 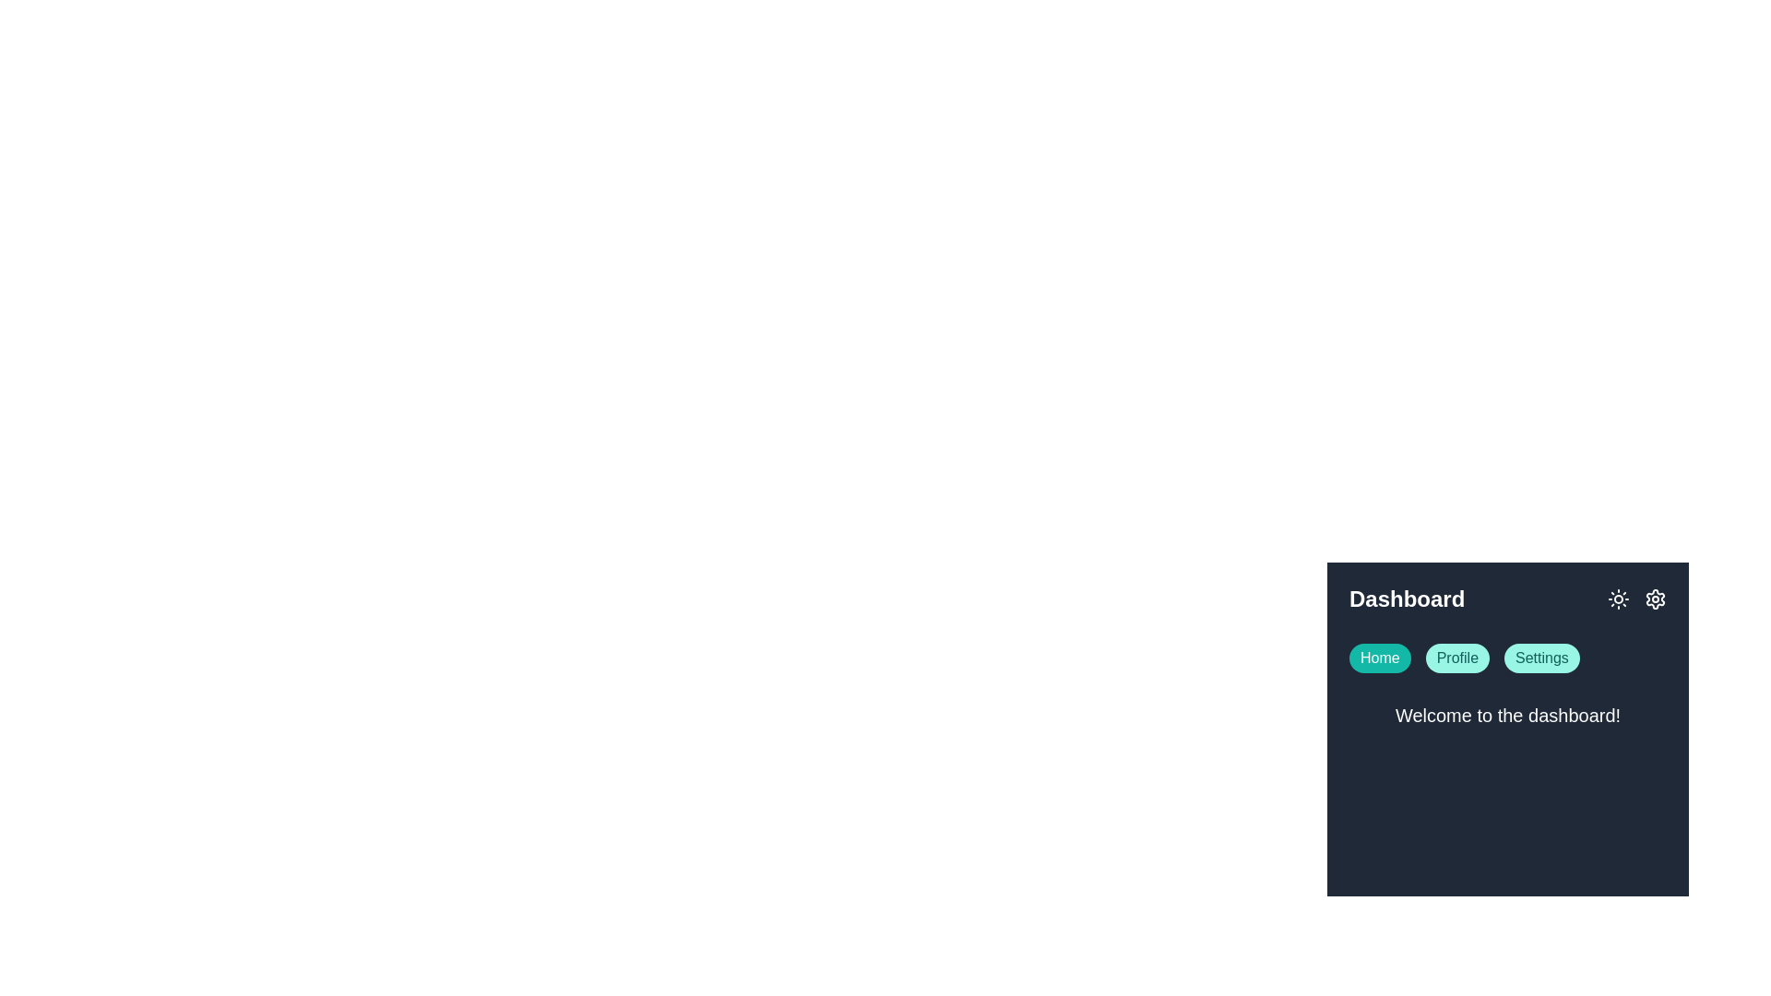 I want to click on the Static Text Display that provides a welcome message, positioned below the navigation buttons 'Home,' 'Profile,' and 'Settings.', so click(x=1508, y=717).